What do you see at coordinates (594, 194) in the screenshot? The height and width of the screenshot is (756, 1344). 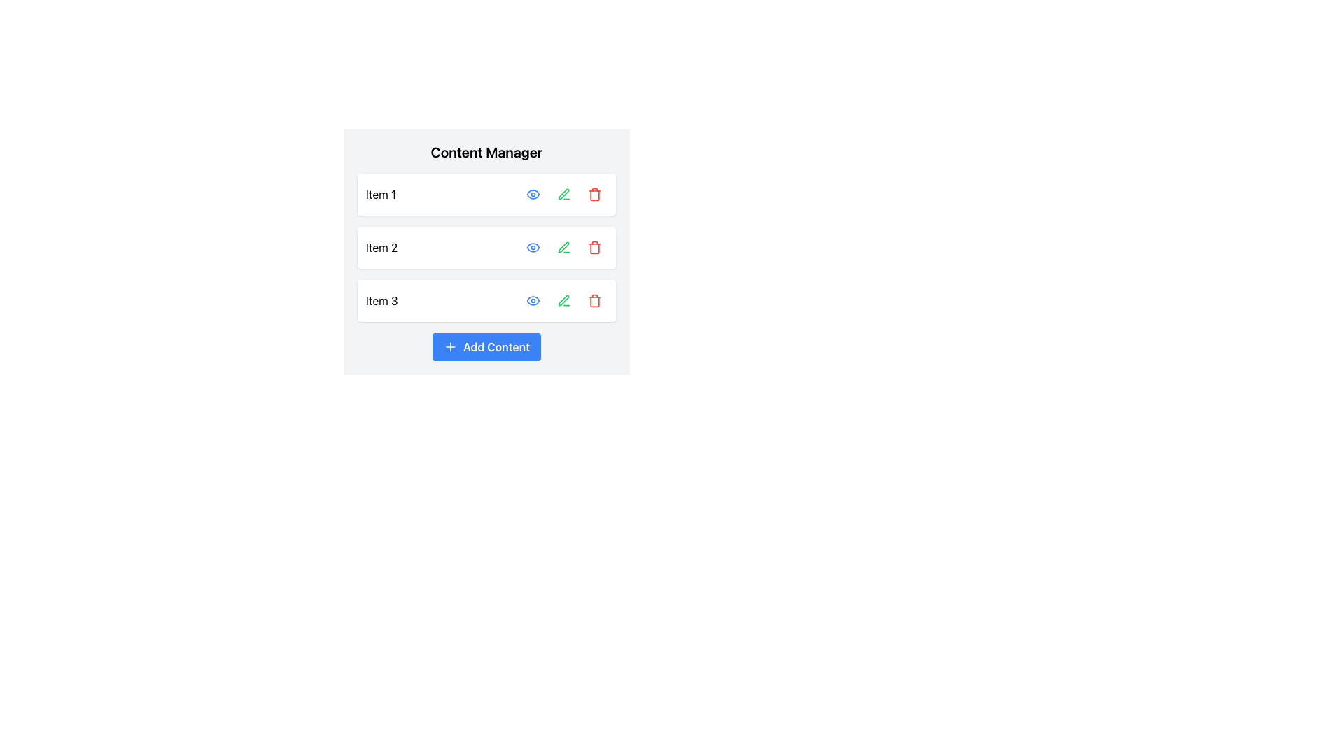 I see `the red trash icon button` at bounding box center [594, 194].